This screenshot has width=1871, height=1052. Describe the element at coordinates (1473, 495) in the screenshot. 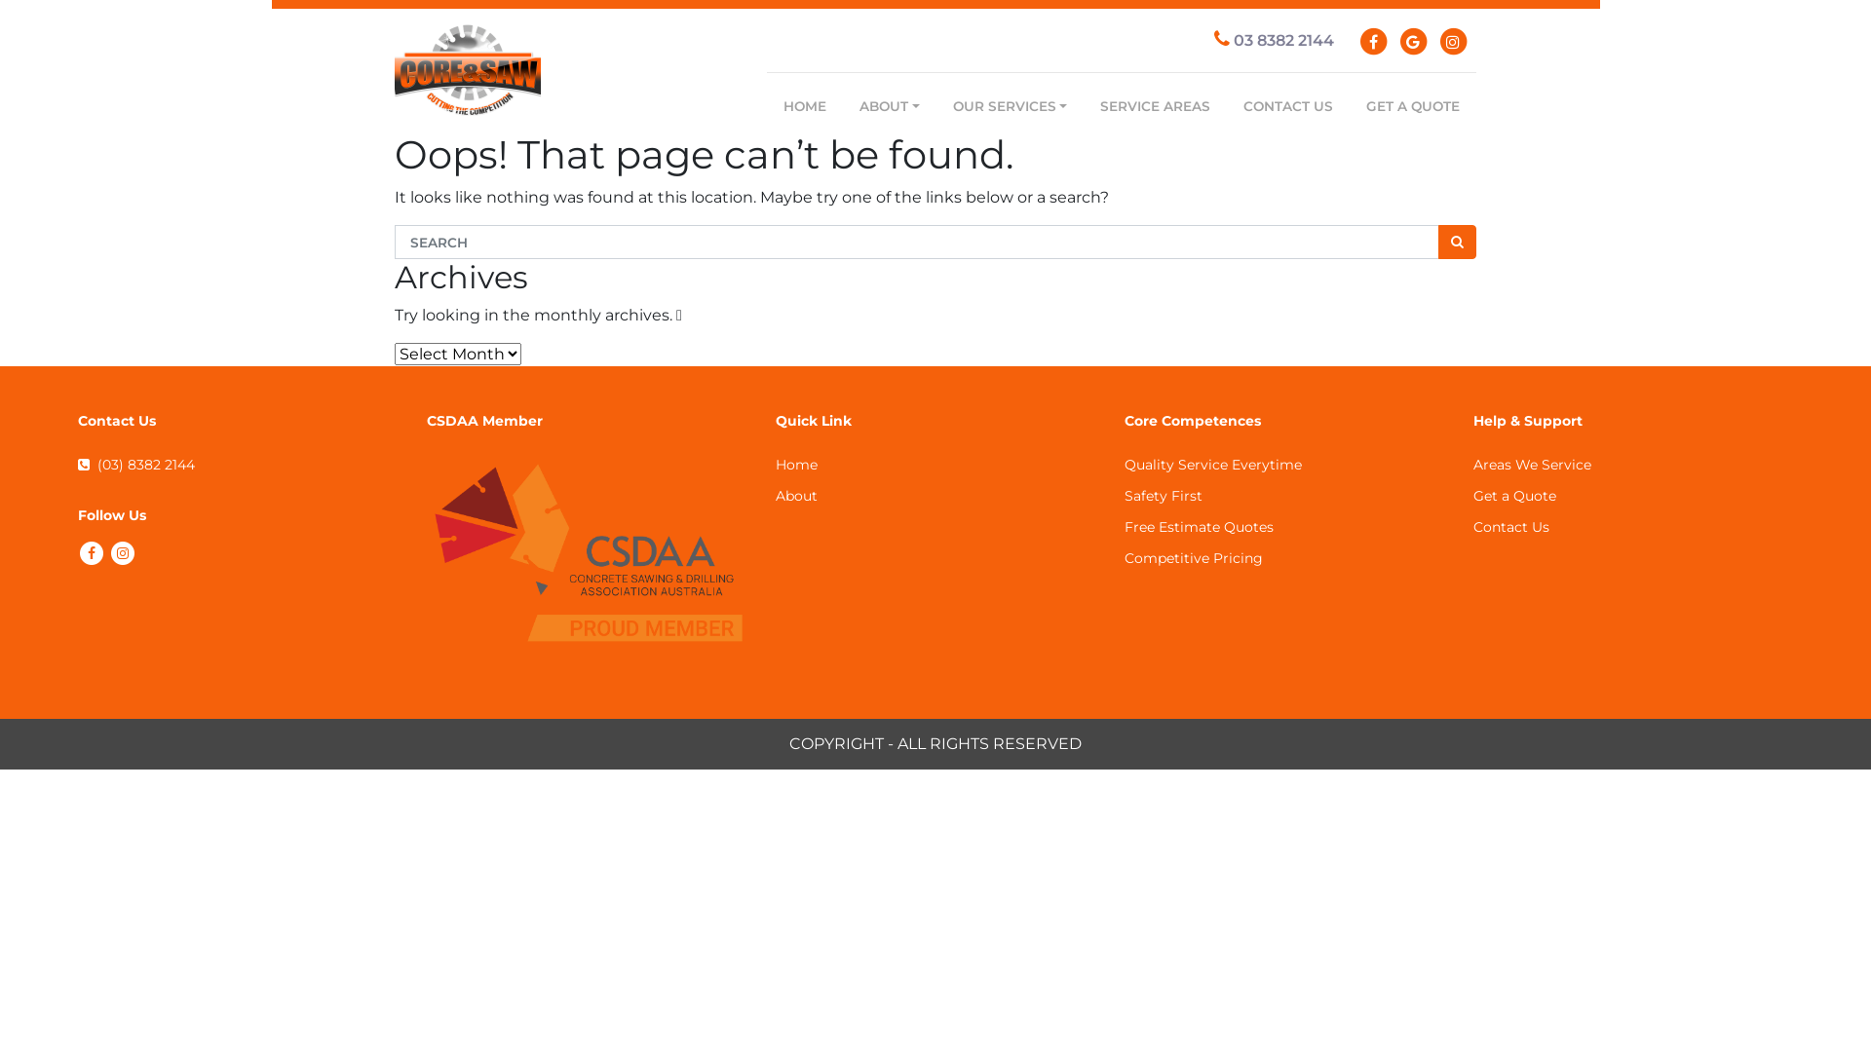

I see `'Get a Quote'` at that location.